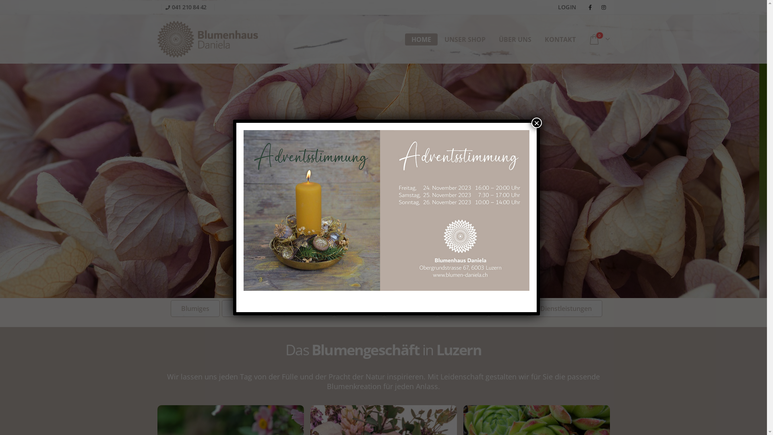  I want to click on 'KONTAKT', so click(560, 39).